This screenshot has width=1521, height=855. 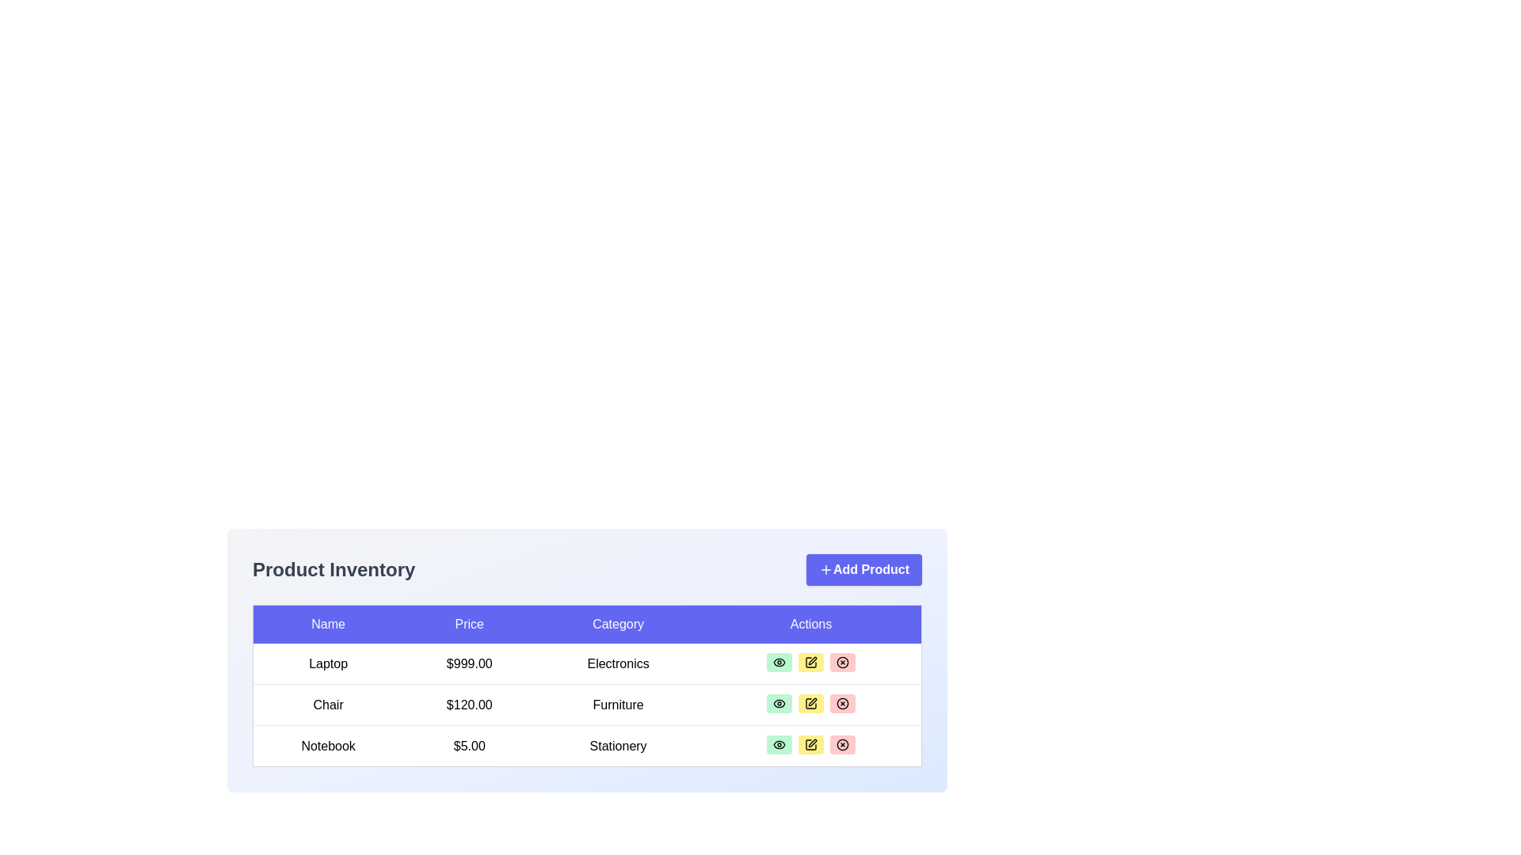 What do you see at coordinates (617, 746) in the screenshot?
I see `the static text label containing the word 'Stationery', which is located in the third cell of the last row of the product inventory table, adjacent to 'Notebook' and '$5.00'` at bounding box center [617, 746].